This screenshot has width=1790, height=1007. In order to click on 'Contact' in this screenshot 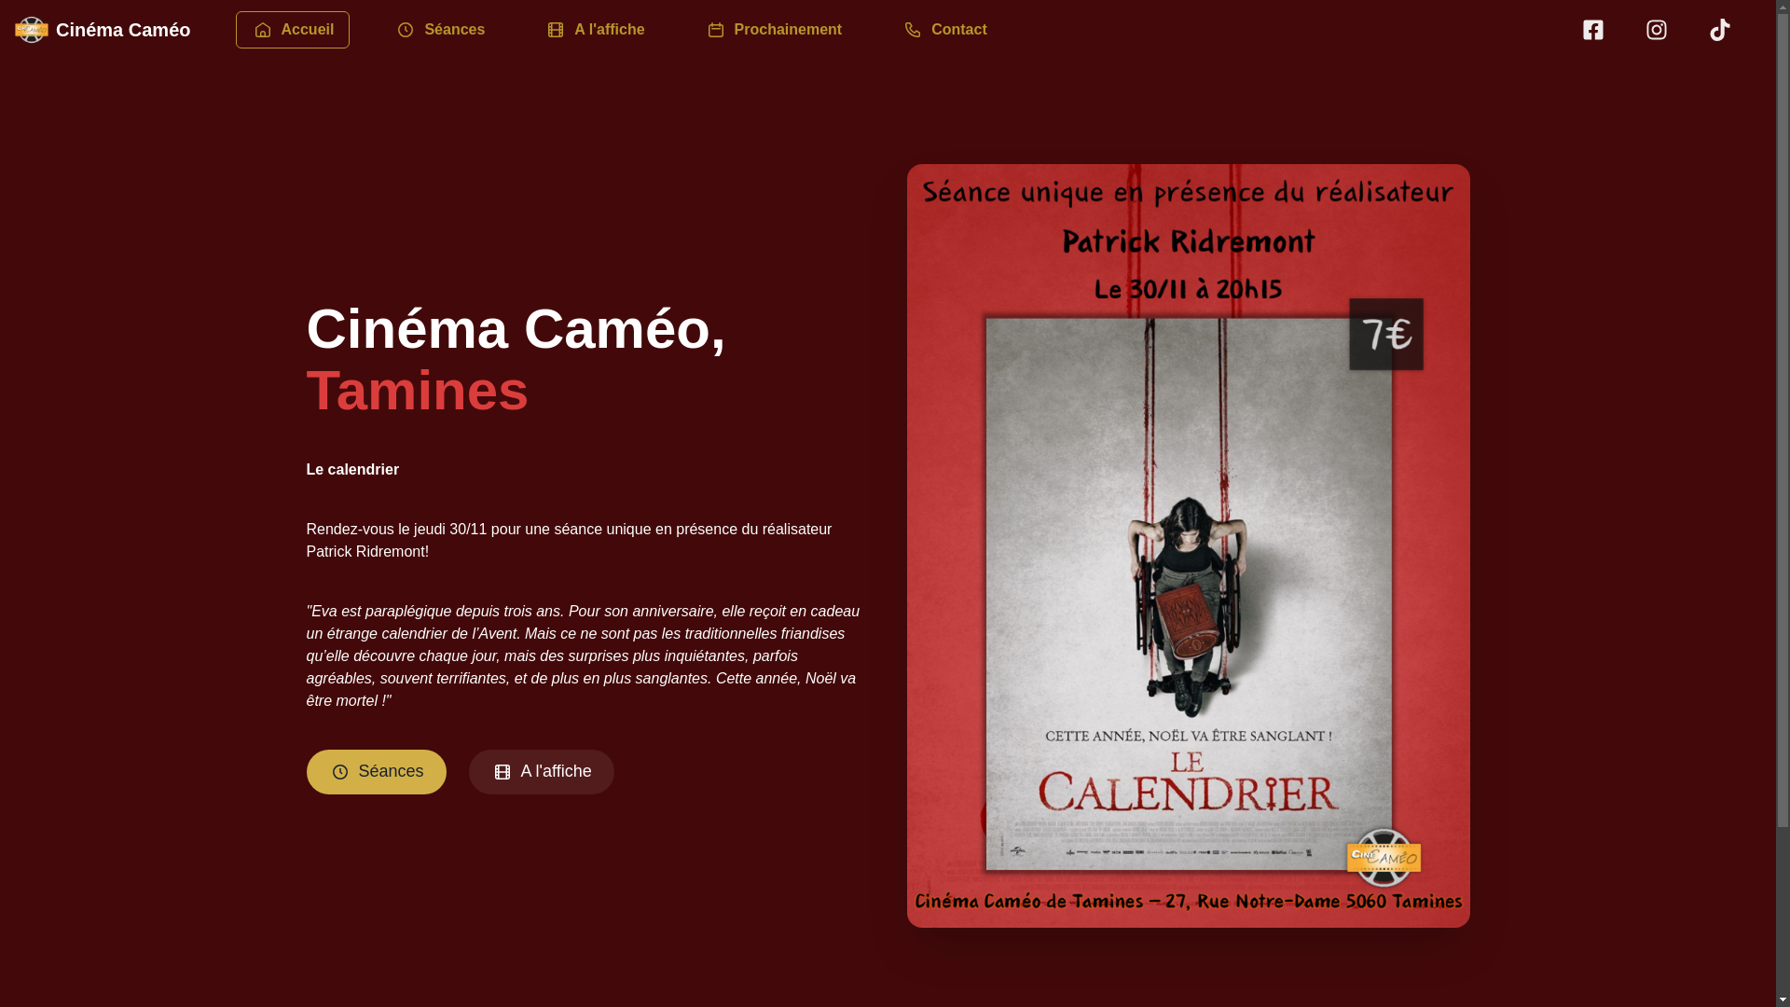, I will do `click(943, 28)`.